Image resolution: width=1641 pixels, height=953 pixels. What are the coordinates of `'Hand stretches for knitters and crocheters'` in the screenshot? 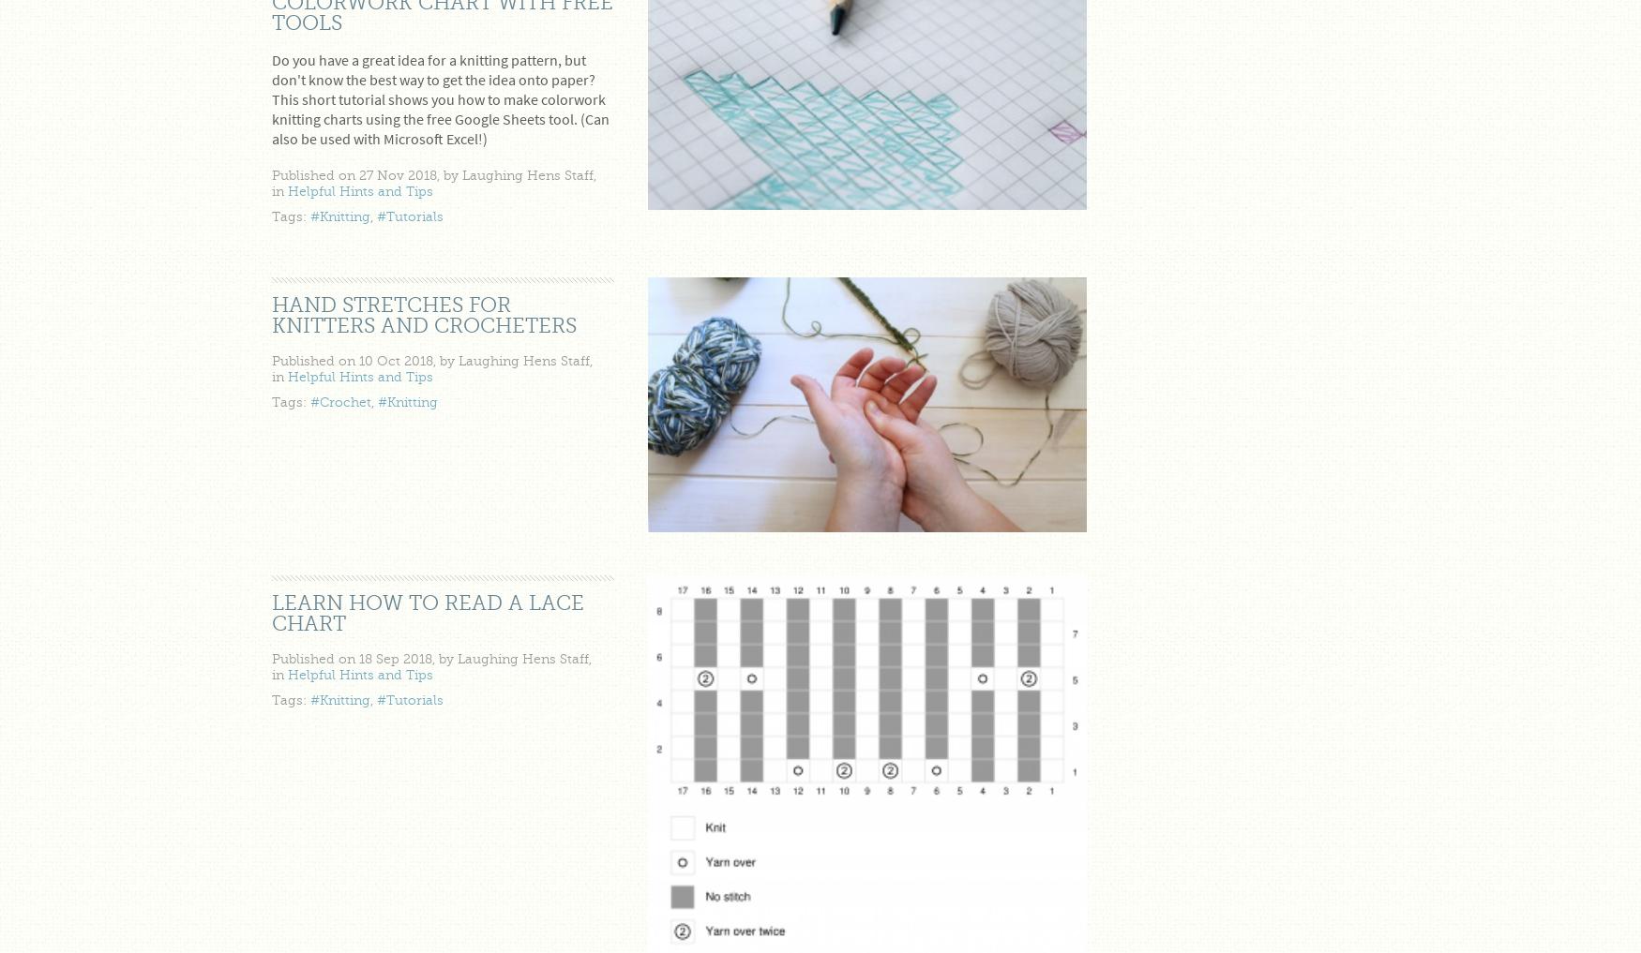 It's located at (424, 314).